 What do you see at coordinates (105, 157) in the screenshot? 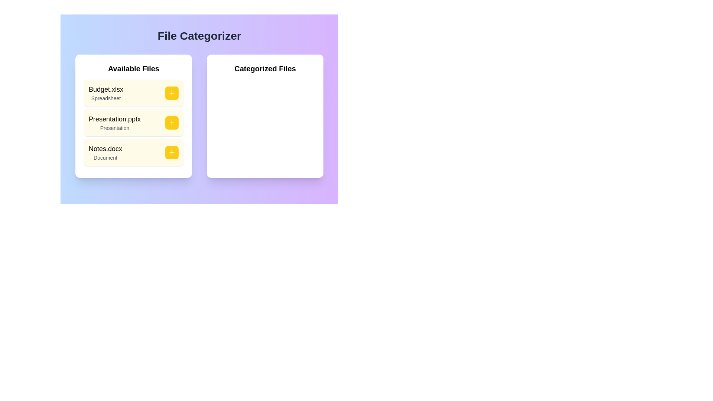
I see `the Static Text Label displaying the word 'Document' in gray font, located beneath 'Notes.docx' within the 'Available Files' panel` at bounding box center [105, 157].